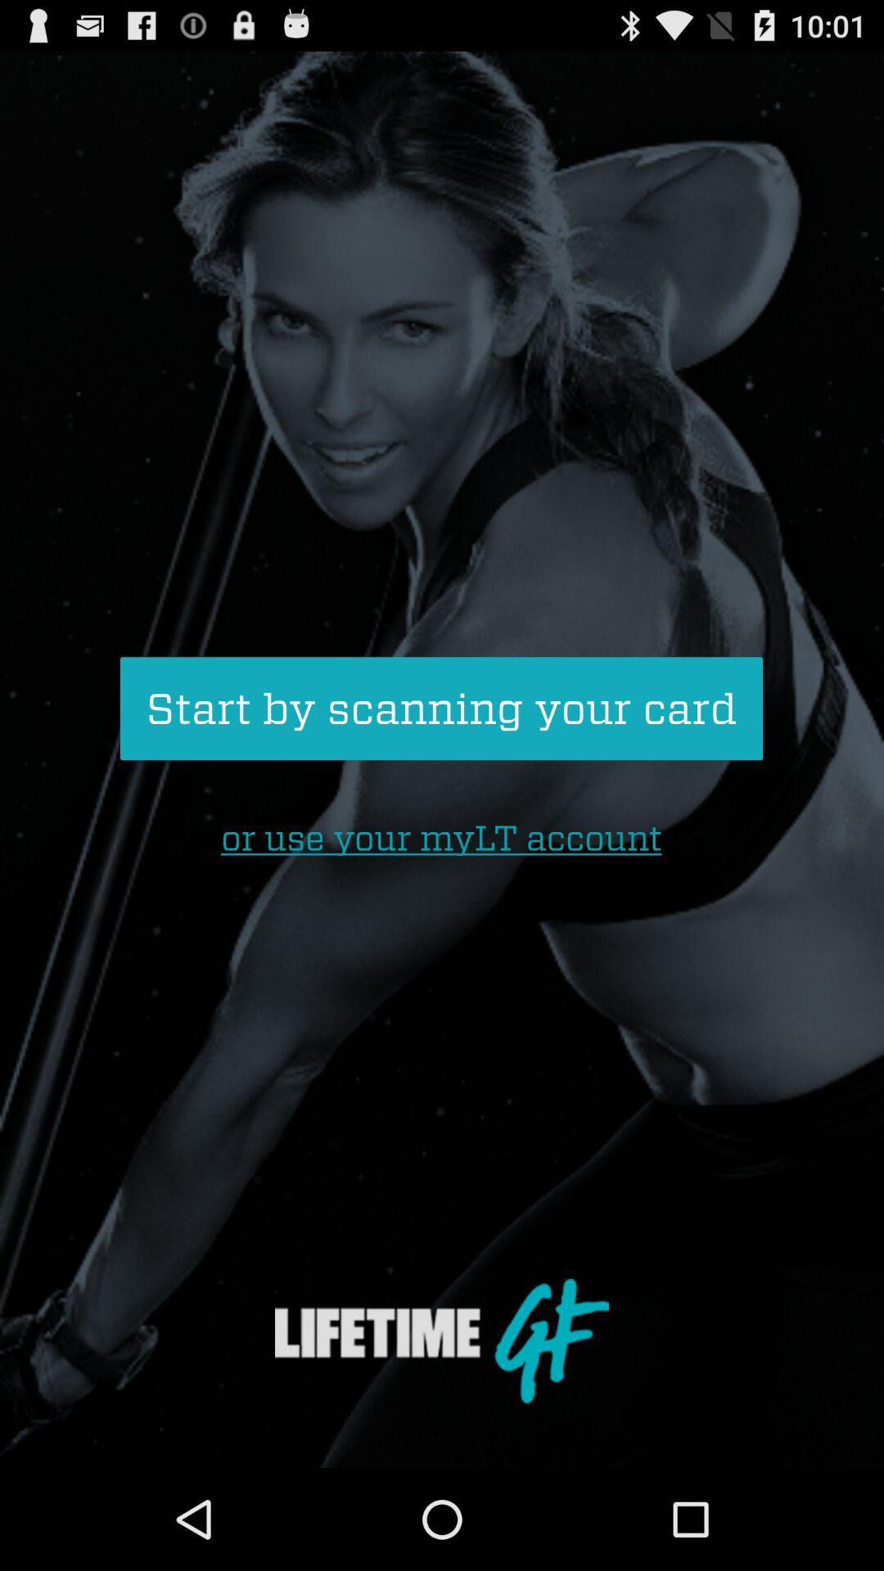 This screenshot has height=1571, width=884. Describe the element at coordinates (440, 709) in the screenshot. I see `the item above the or use your icon` at that location.